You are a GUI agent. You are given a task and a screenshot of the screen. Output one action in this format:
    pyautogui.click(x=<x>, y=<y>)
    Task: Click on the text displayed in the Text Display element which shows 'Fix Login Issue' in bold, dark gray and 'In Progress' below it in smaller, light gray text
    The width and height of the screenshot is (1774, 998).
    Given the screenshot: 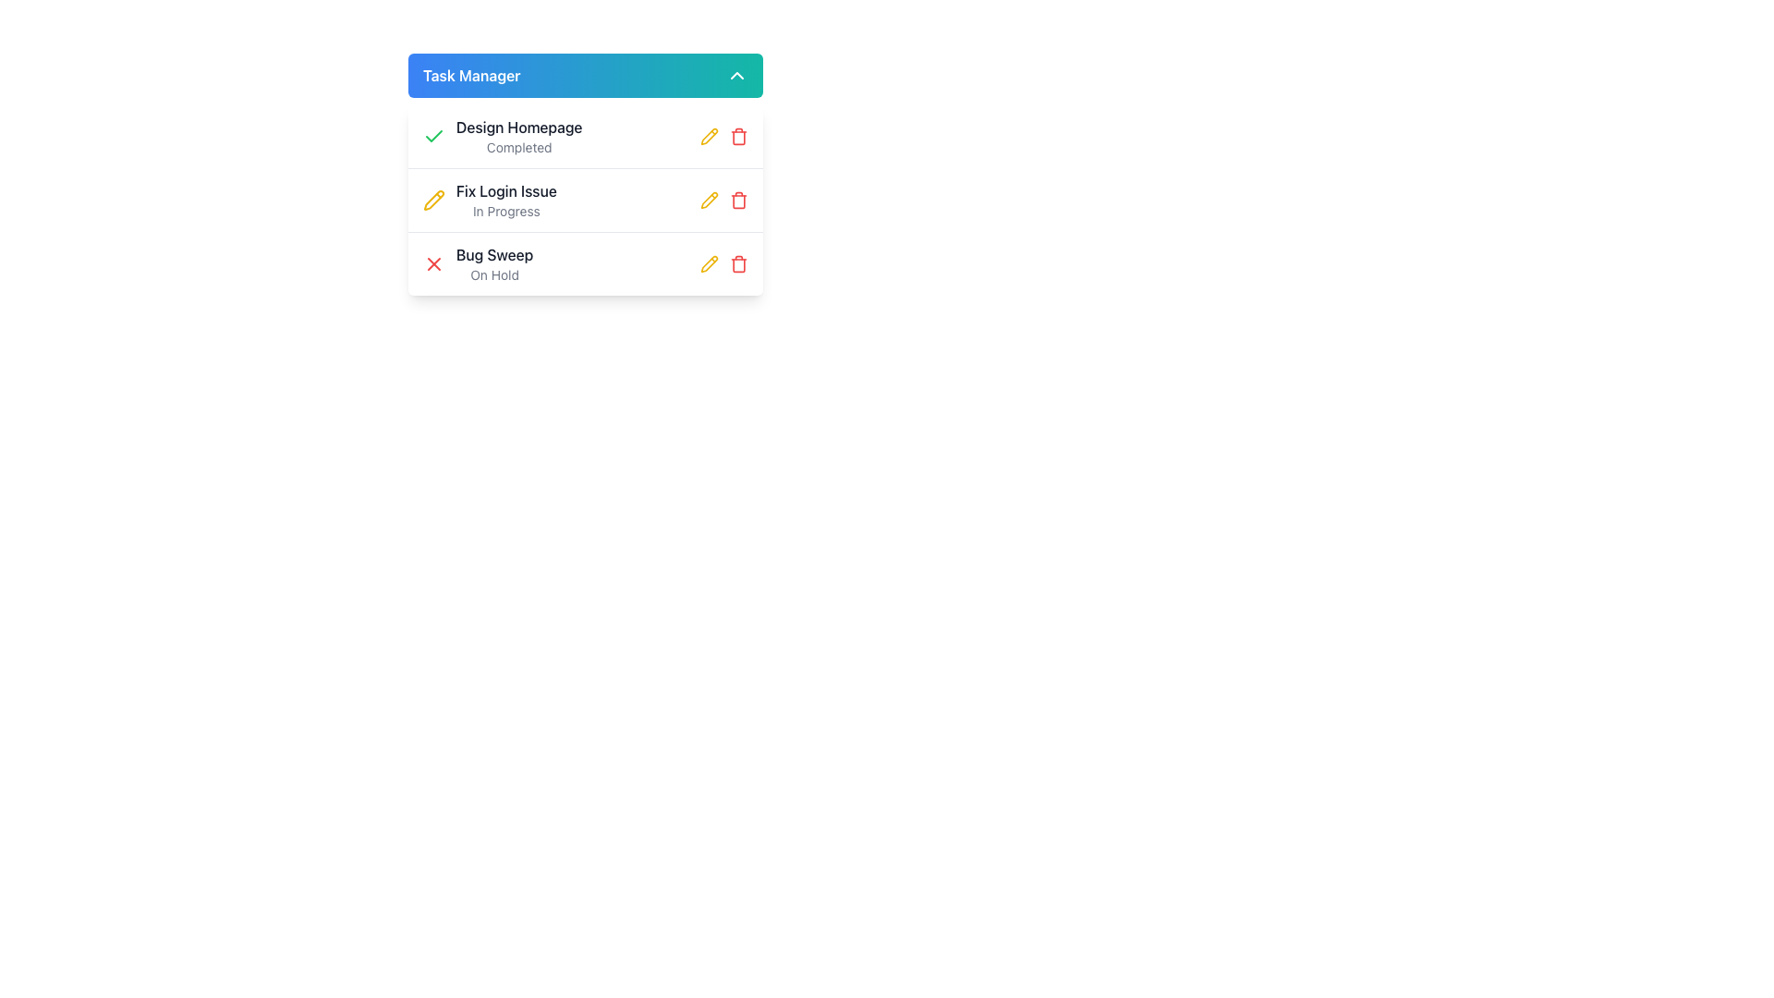 What is the action you would take?
    pyautogui.click(x=506, y=200)
    